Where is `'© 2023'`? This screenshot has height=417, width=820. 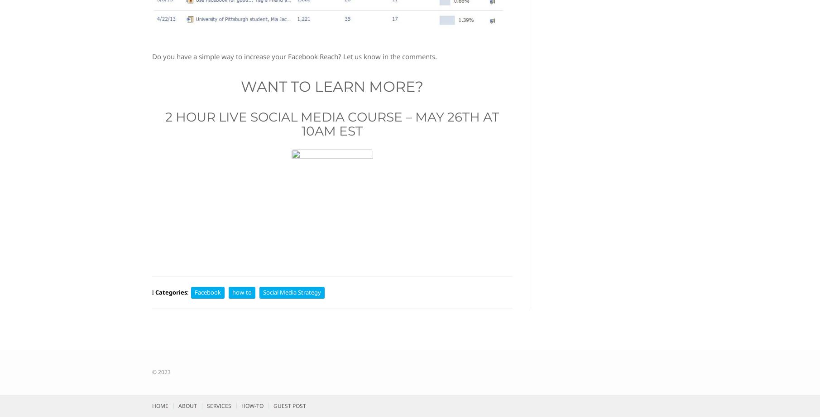
'© 2023' is located at coordinates (160, 371).